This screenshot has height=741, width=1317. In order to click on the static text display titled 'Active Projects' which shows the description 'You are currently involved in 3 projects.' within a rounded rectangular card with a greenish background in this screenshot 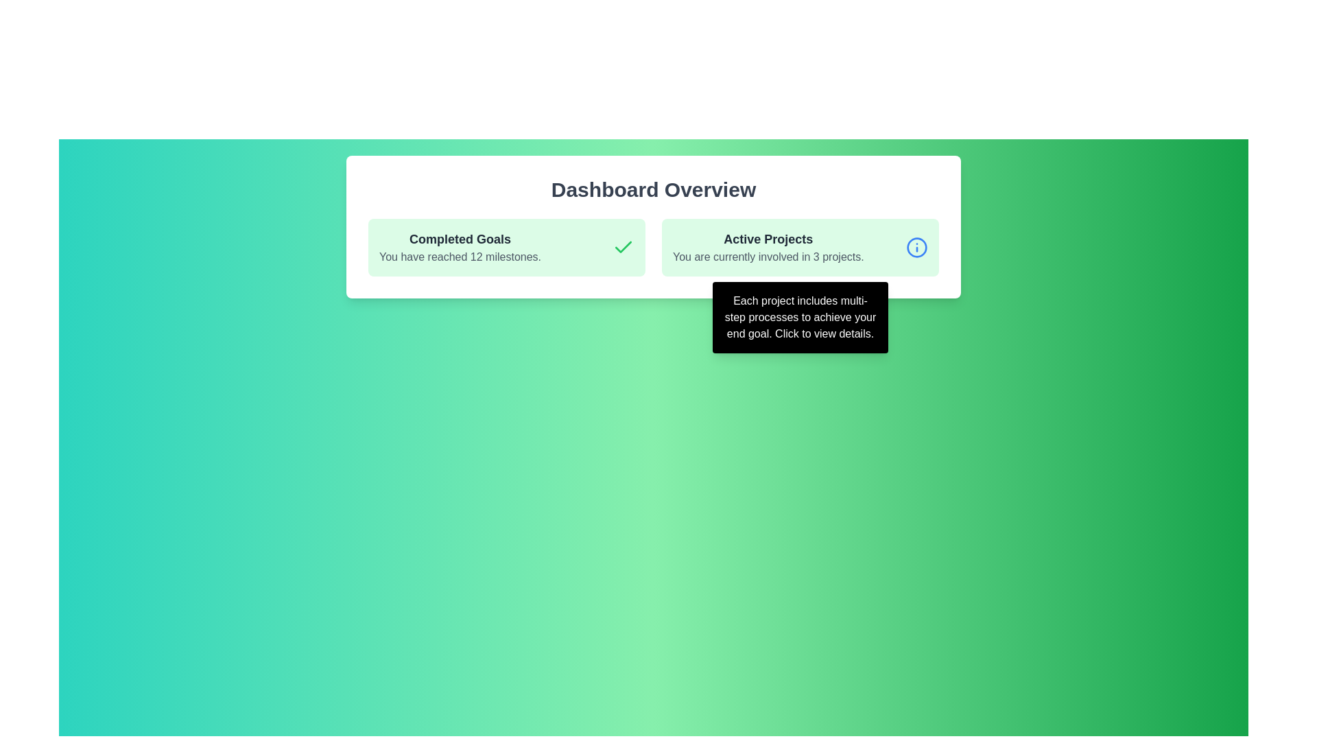, I will do `click(768, 248)`.